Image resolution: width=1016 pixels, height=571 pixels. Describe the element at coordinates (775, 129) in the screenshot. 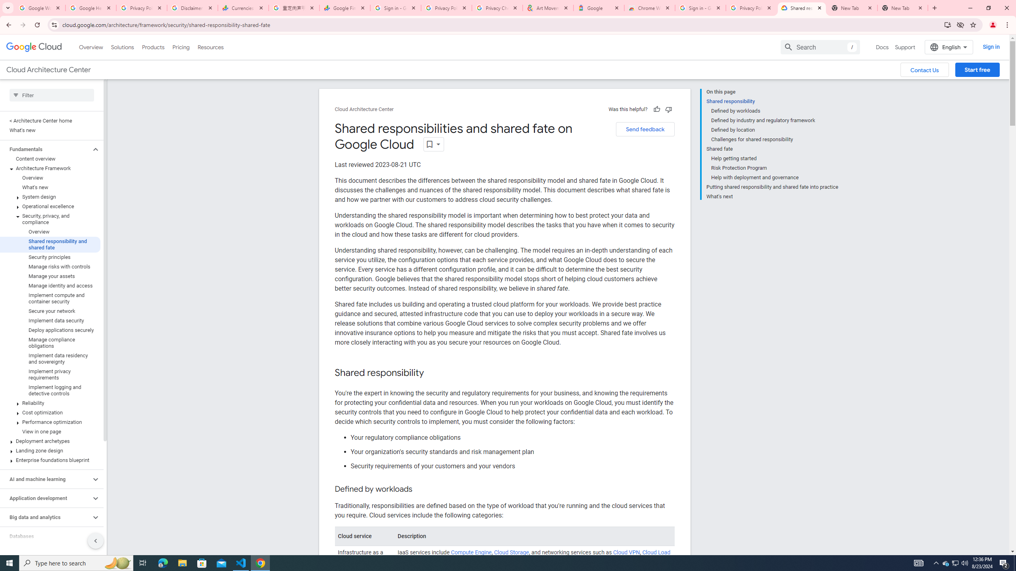

I see `'Defined by location'` at that location.